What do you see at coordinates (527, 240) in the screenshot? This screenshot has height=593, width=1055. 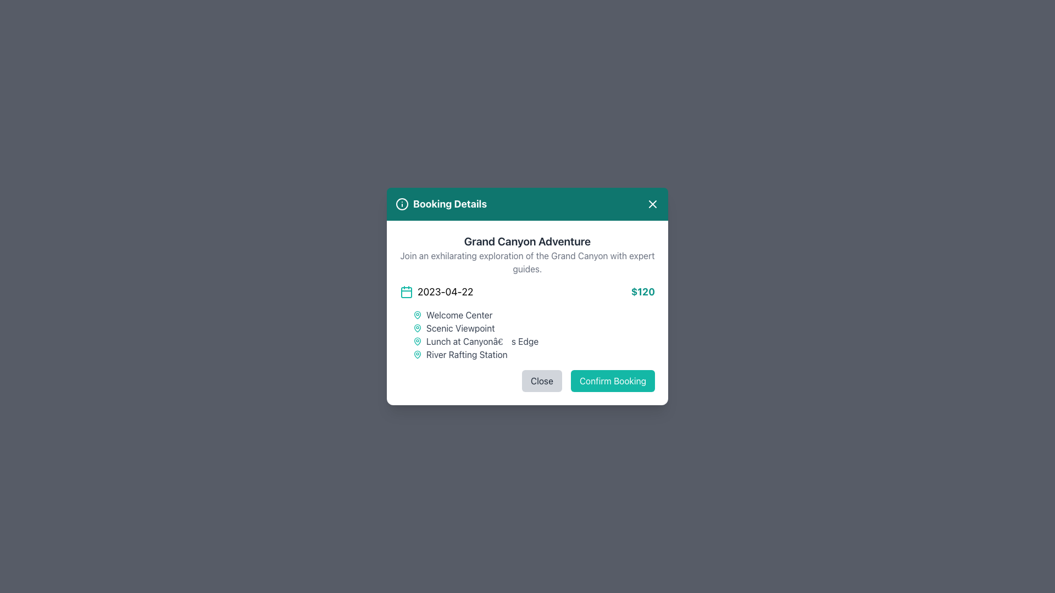 I see `the text label that displays 'Grand Canyon Adventure' in bold, large font at the top of the 'Booking Details' dialog box` at bounding box center [527, 240].